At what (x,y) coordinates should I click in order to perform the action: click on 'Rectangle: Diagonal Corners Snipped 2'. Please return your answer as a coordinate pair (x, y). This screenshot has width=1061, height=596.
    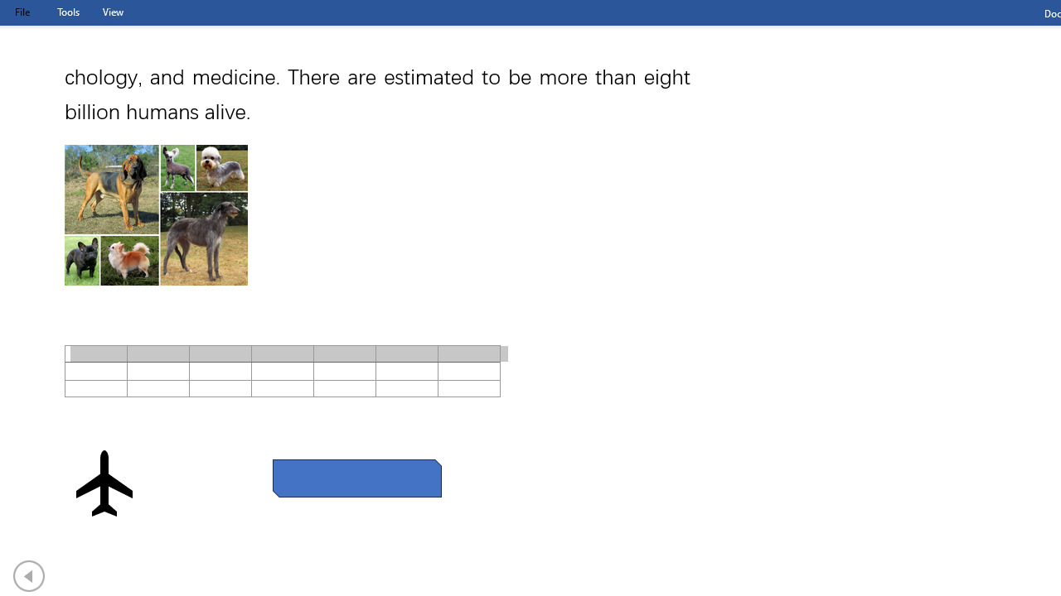
    Looking at the image, I should click on (356, 478).